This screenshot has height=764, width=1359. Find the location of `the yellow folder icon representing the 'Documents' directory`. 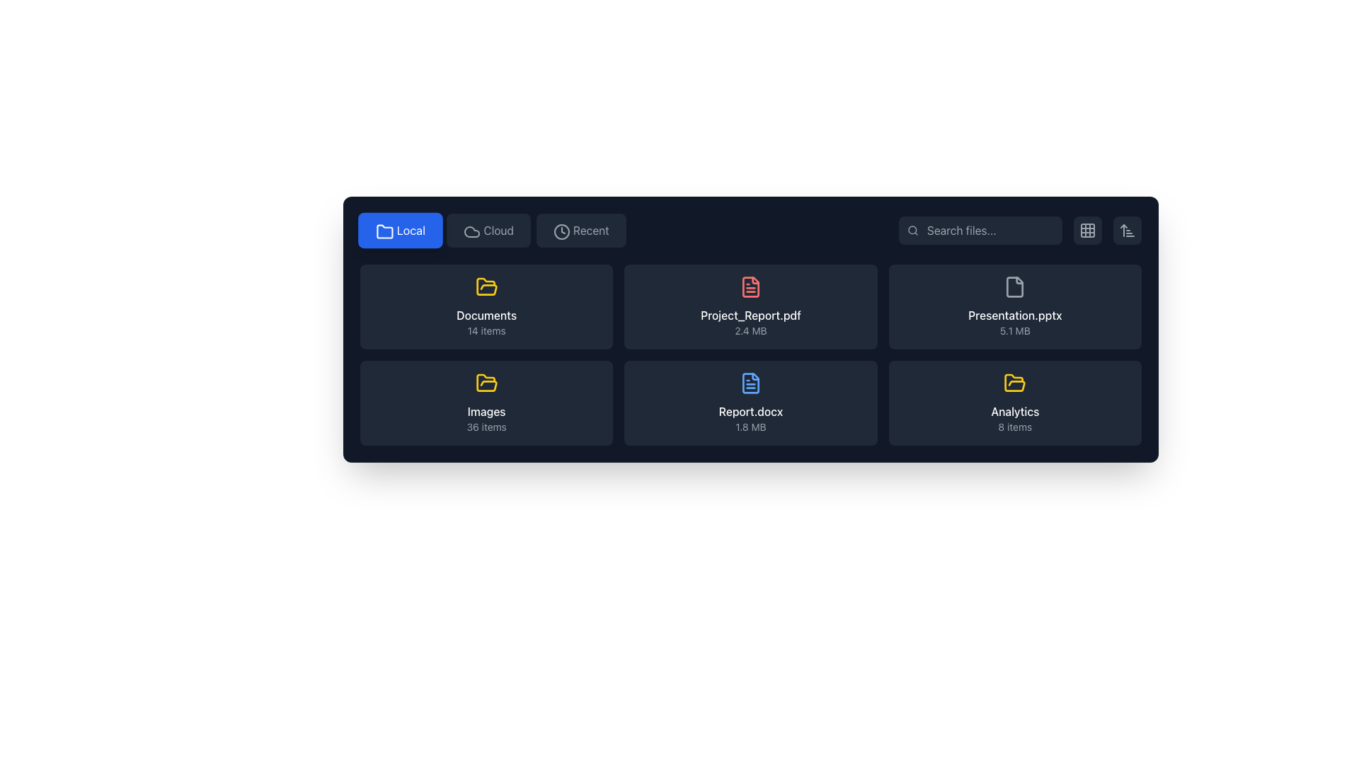

the yellow folder icon representing the 'Documents' directory is located at coordinates (486, 383).